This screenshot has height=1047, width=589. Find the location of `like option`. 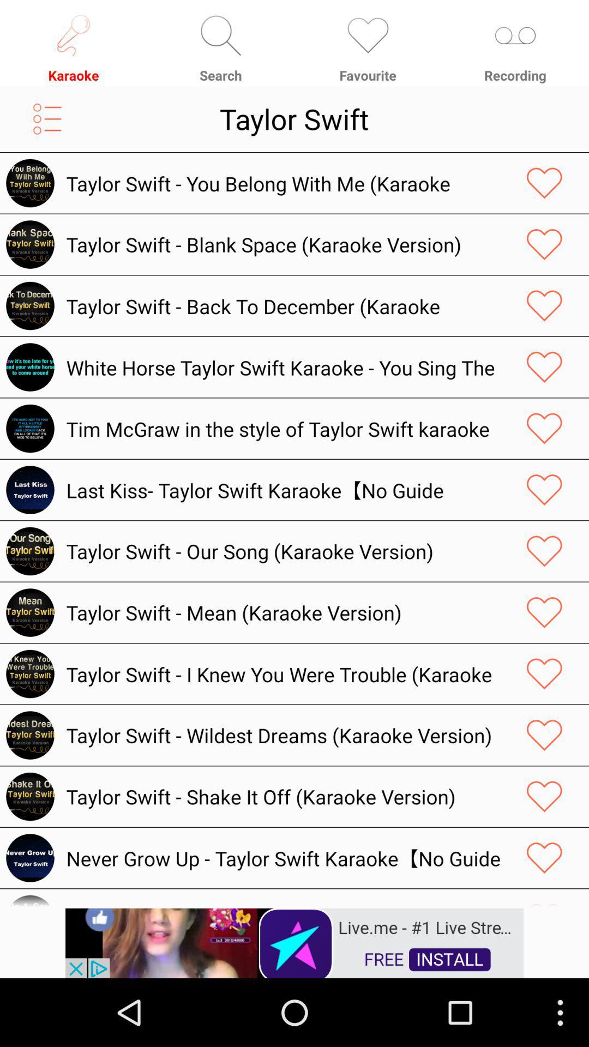

like option is located at coordinates (544, 551).